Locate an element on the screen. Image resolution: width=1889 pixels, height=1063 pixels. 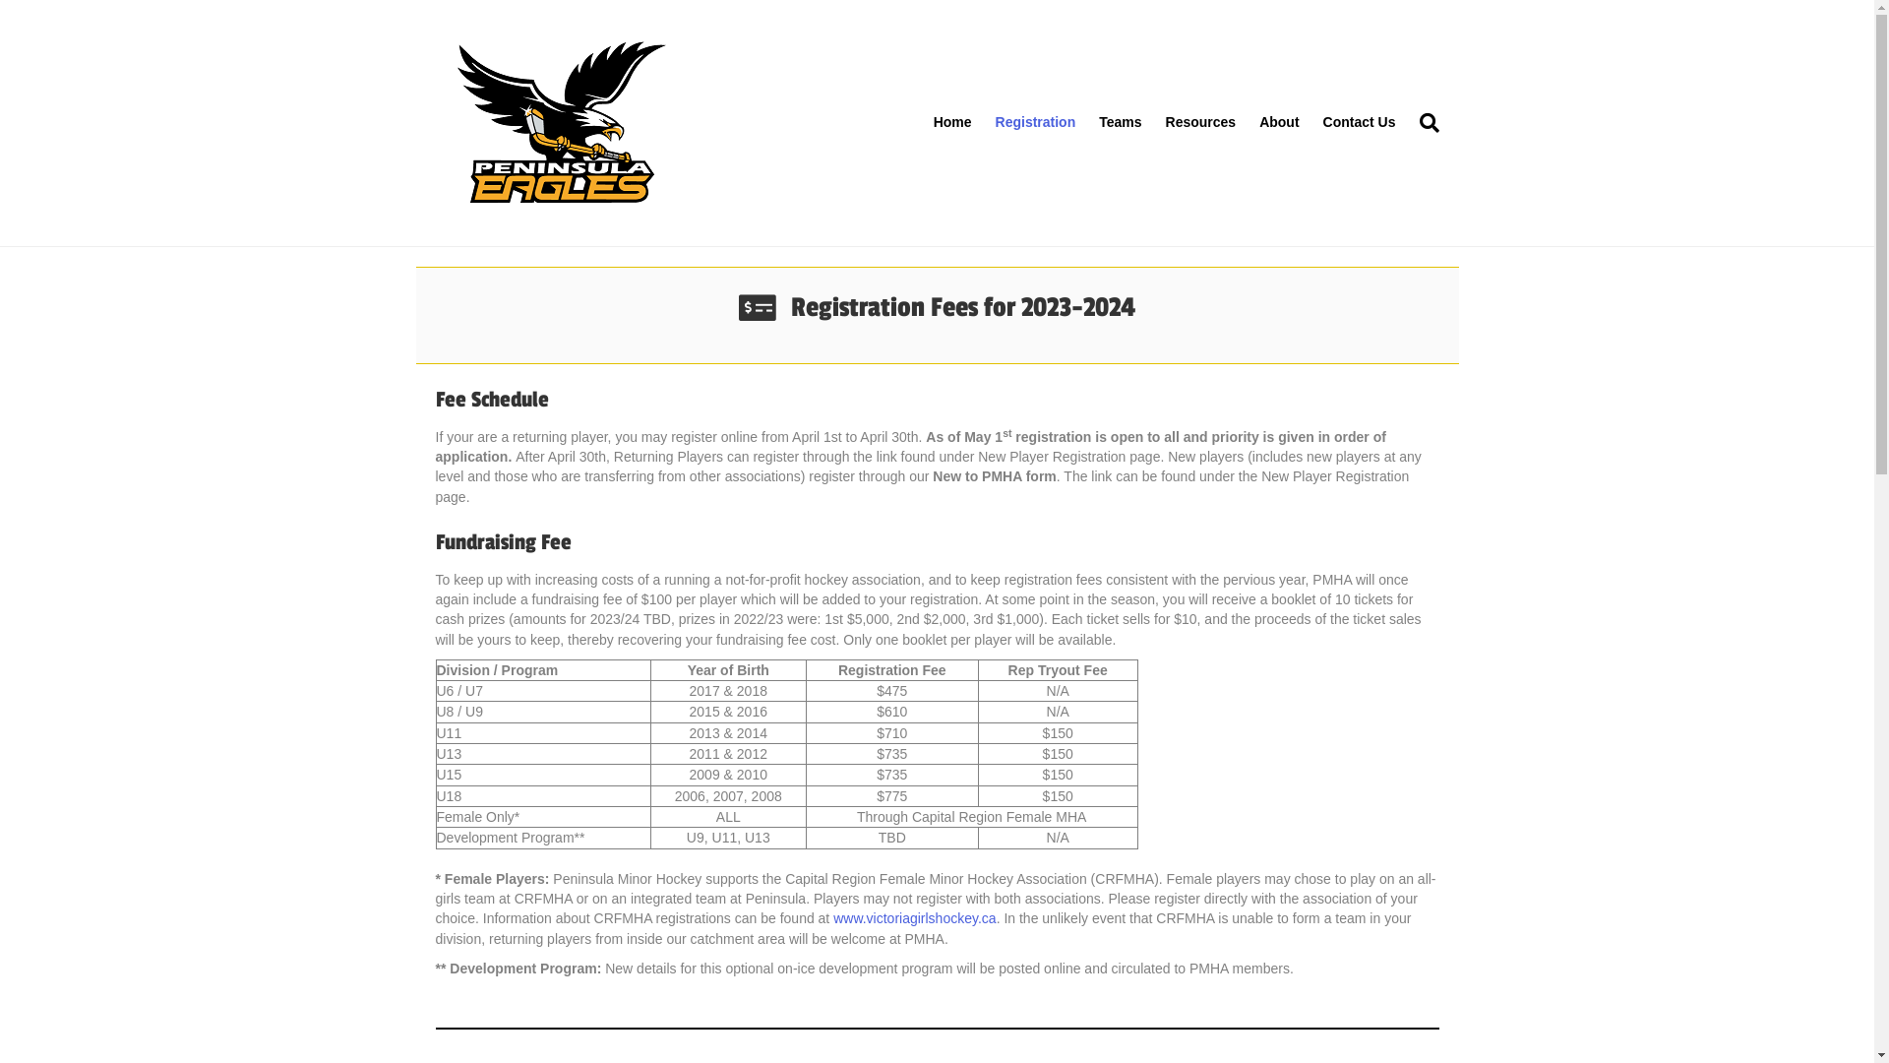
'Registration' is located at coordinates (1034, 122).